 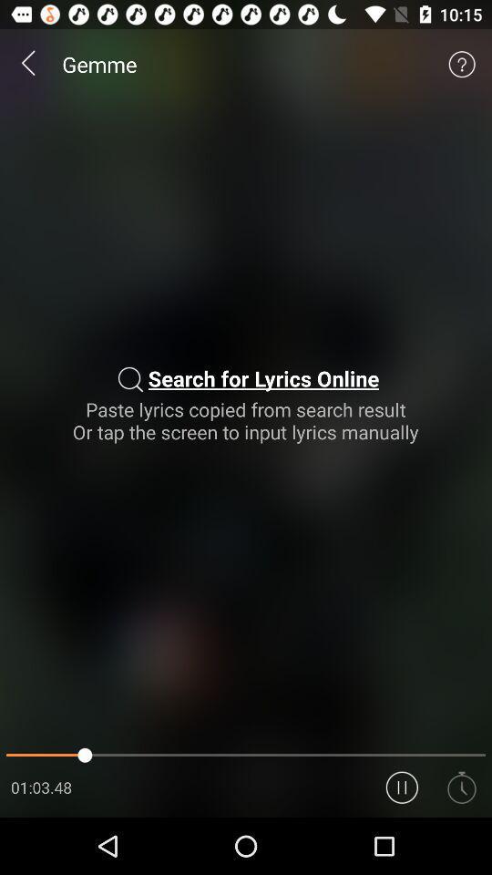 I want to click on the arrow_backward icon, so click(x=28, y=68).